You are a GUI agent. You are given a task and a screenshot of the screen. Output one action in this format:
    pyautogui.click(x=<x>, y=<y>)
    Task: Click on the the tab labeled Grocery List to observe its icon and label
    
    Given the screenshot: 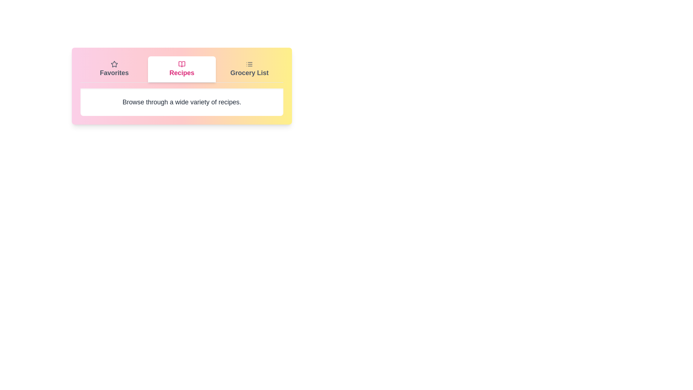 What is the action you would take?
    pyautogui.click(x=249, y=69)
    